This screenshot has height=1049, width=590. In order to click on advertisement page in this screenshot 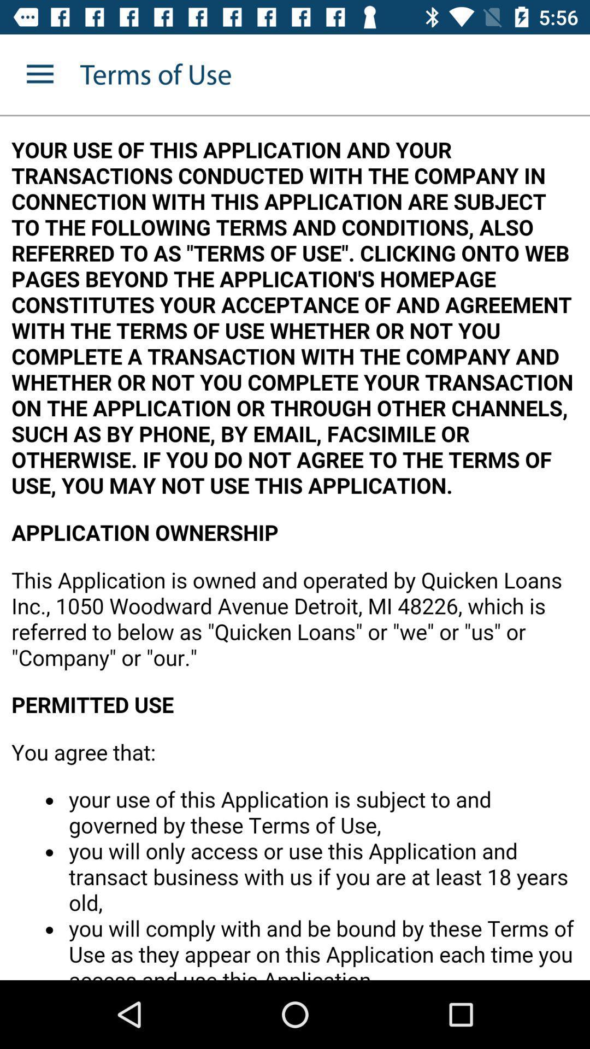, I will do `click(295, 548)`.